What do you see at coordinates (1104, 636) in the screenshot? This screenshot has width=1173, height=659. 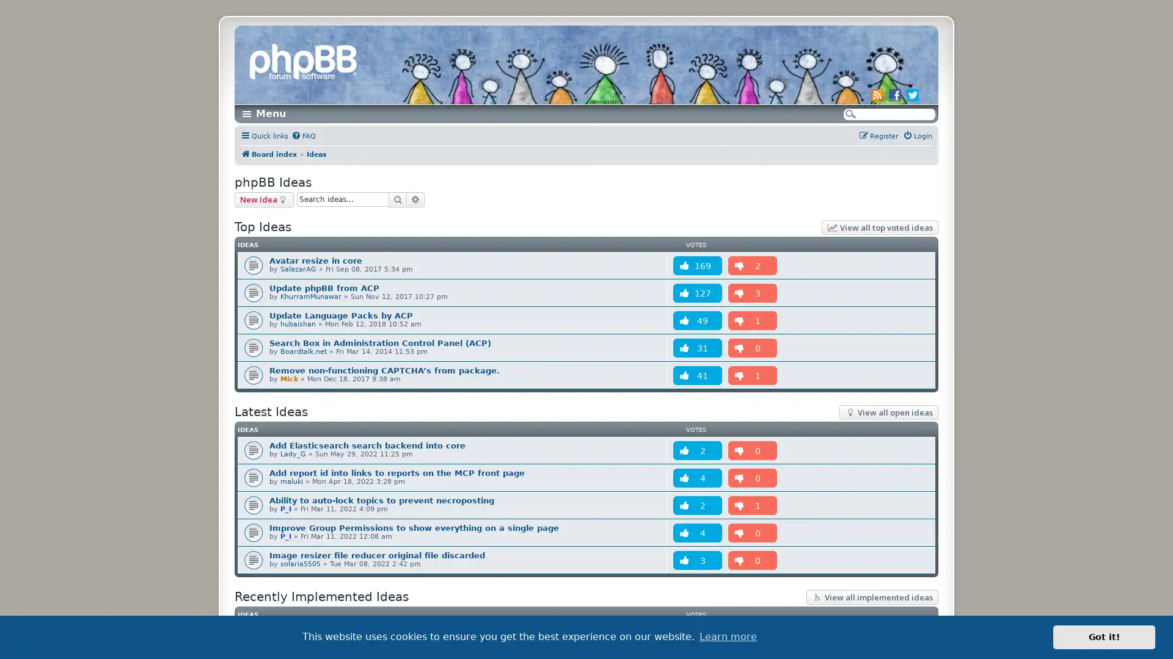 I see `dismiss cookie message` at bounding box center [1104, 636].